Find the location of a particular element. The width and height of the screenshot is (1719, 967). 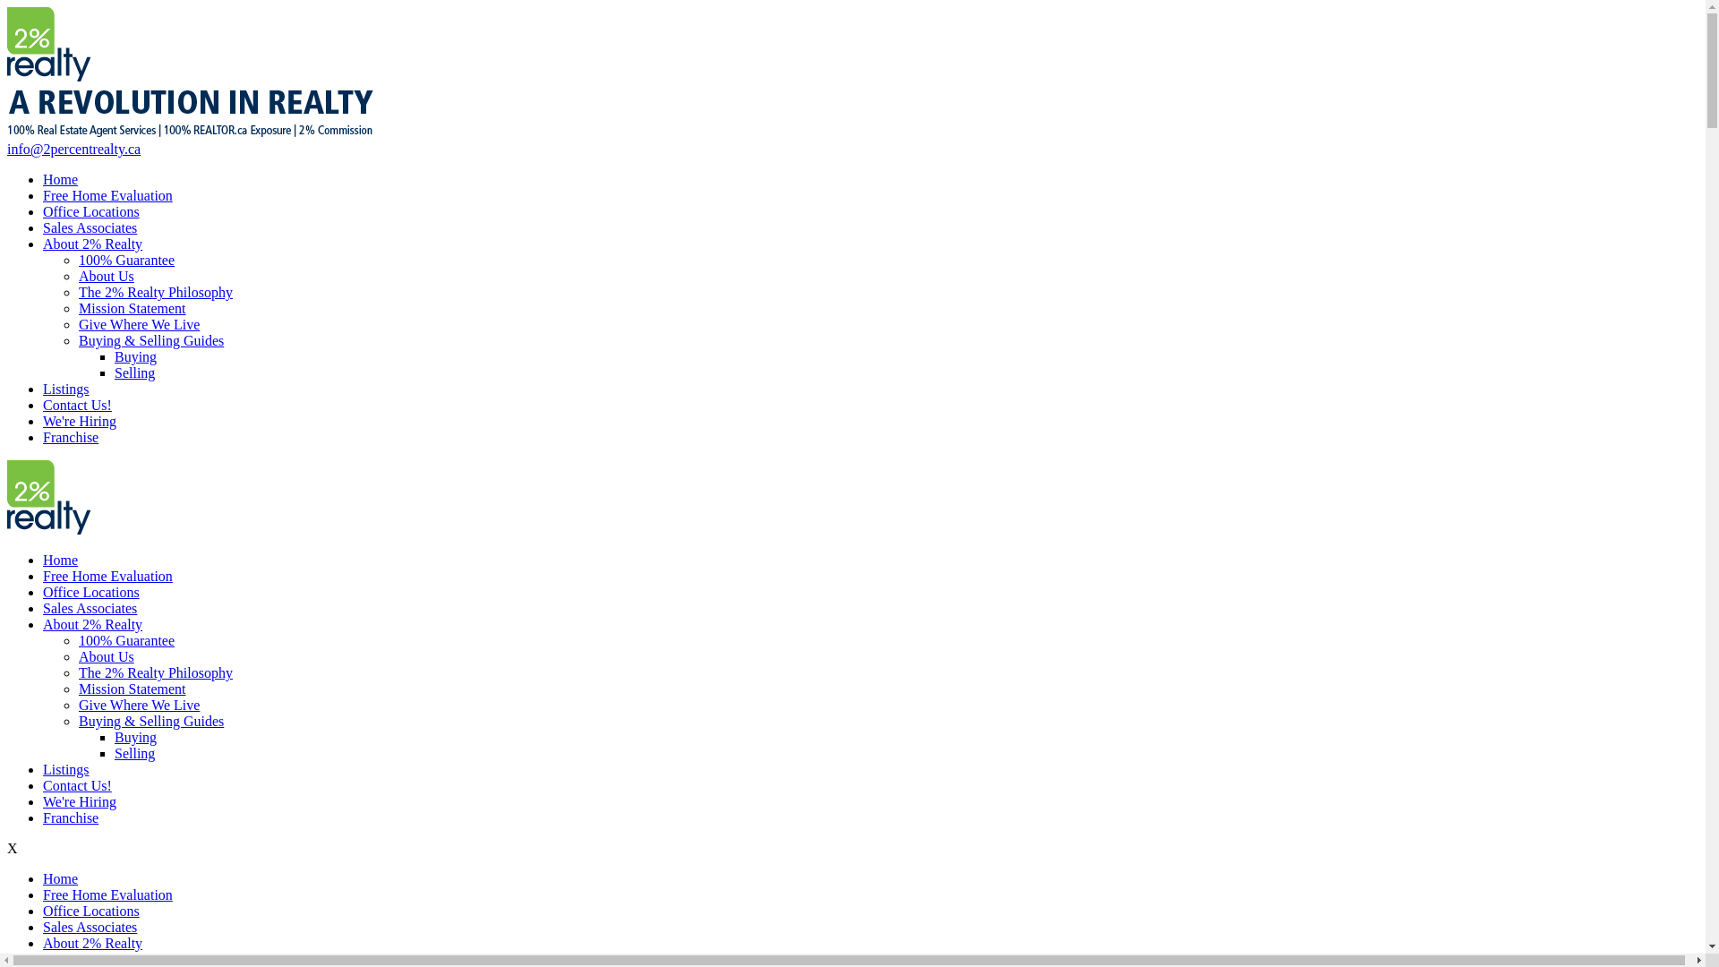

'Free Home Evaluation' is located at coordinates (107, 576).